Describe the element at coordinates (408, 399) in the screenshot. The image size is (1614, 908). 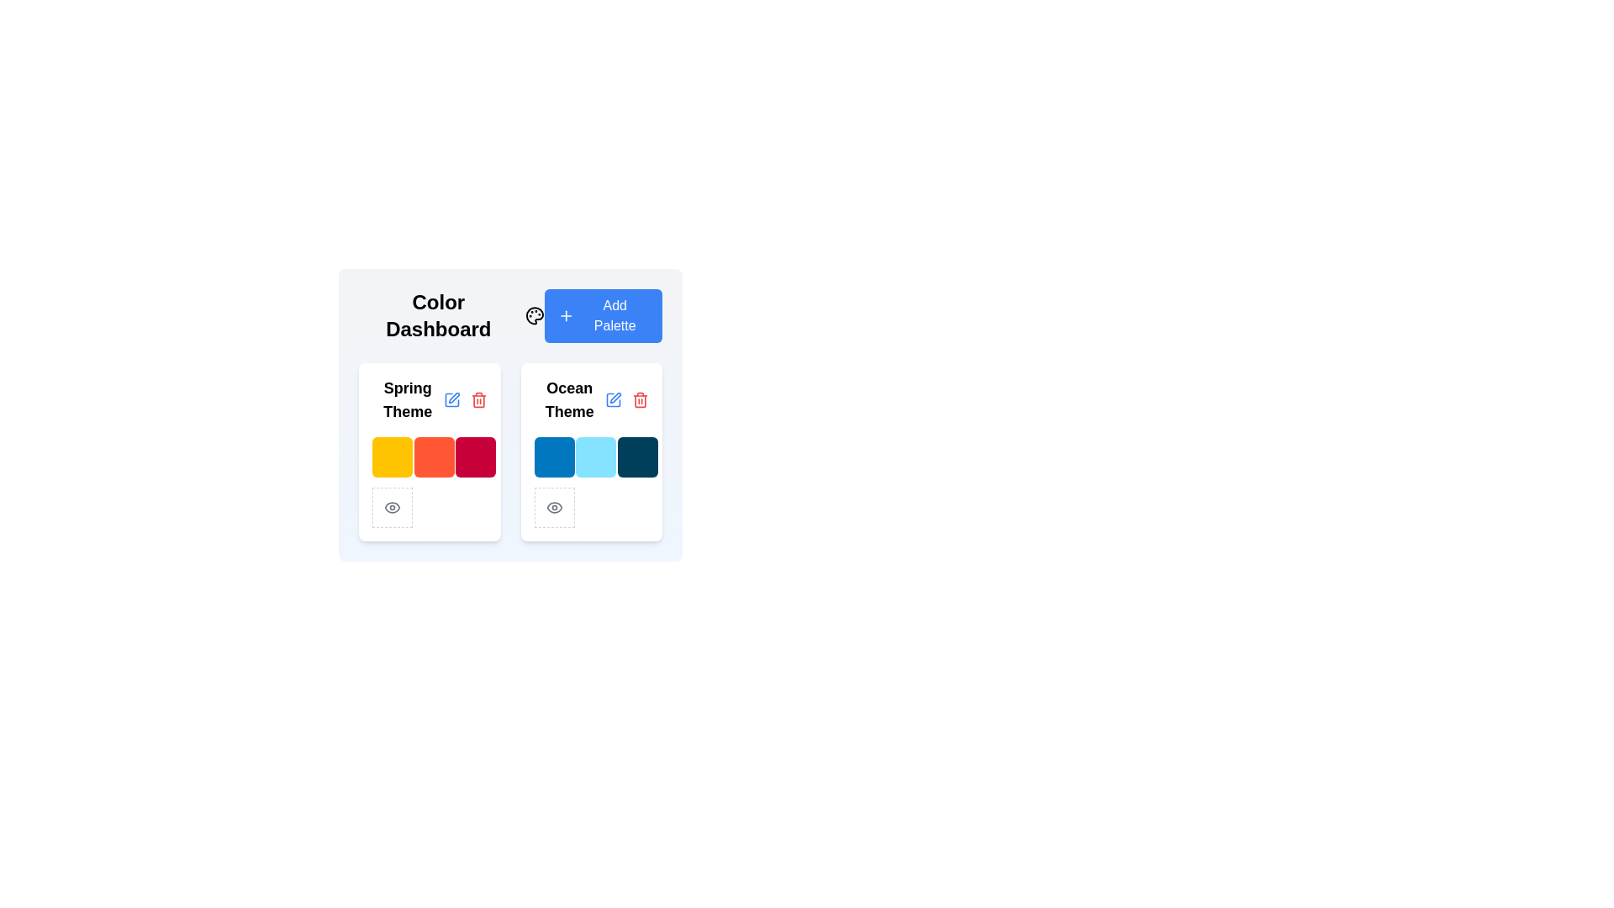
I see `the text label indicating the theme or purpose of the palette located at the top of the first palette card under the 'Color Dashboard' heading` at that location.